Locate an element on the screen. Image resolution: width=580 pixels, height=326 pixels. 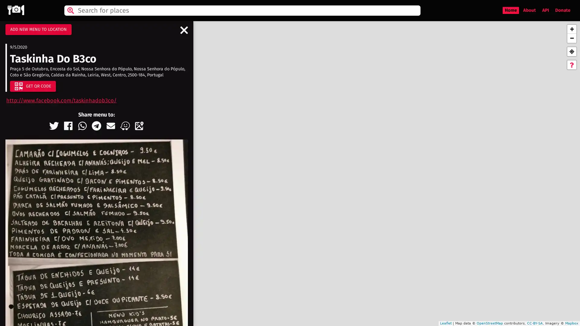
Zoom in is located at coordinates (571, 29).